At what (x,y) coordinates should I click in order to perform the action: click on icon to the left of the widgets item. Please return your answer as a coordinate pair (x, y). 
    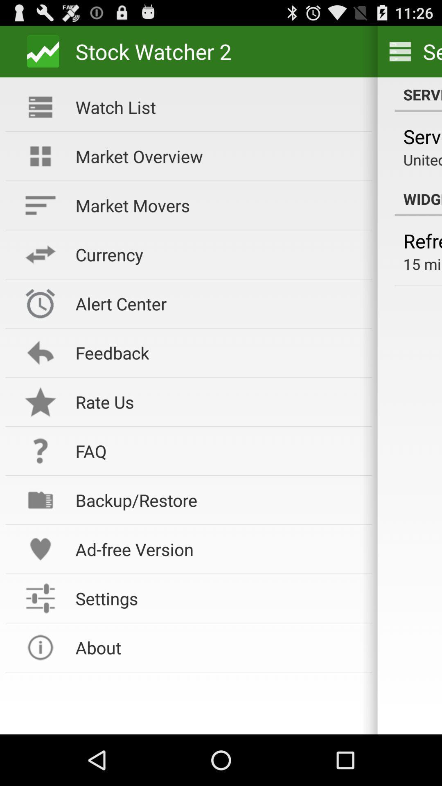
    Looking at the image, I should click on (218, 205).